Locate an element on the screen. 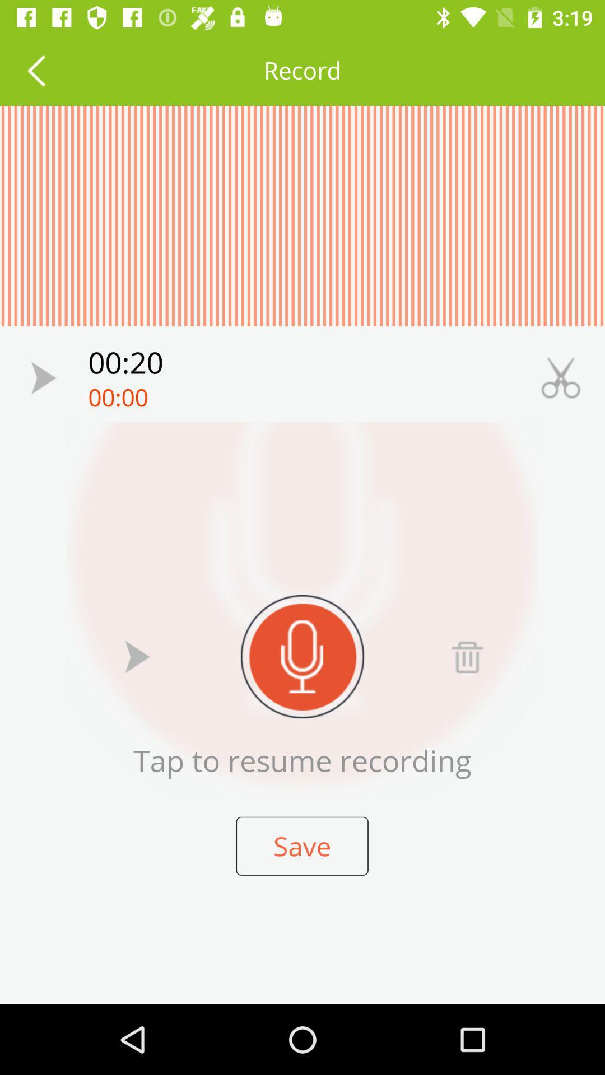  speak now is located at coordinates (302, 656).